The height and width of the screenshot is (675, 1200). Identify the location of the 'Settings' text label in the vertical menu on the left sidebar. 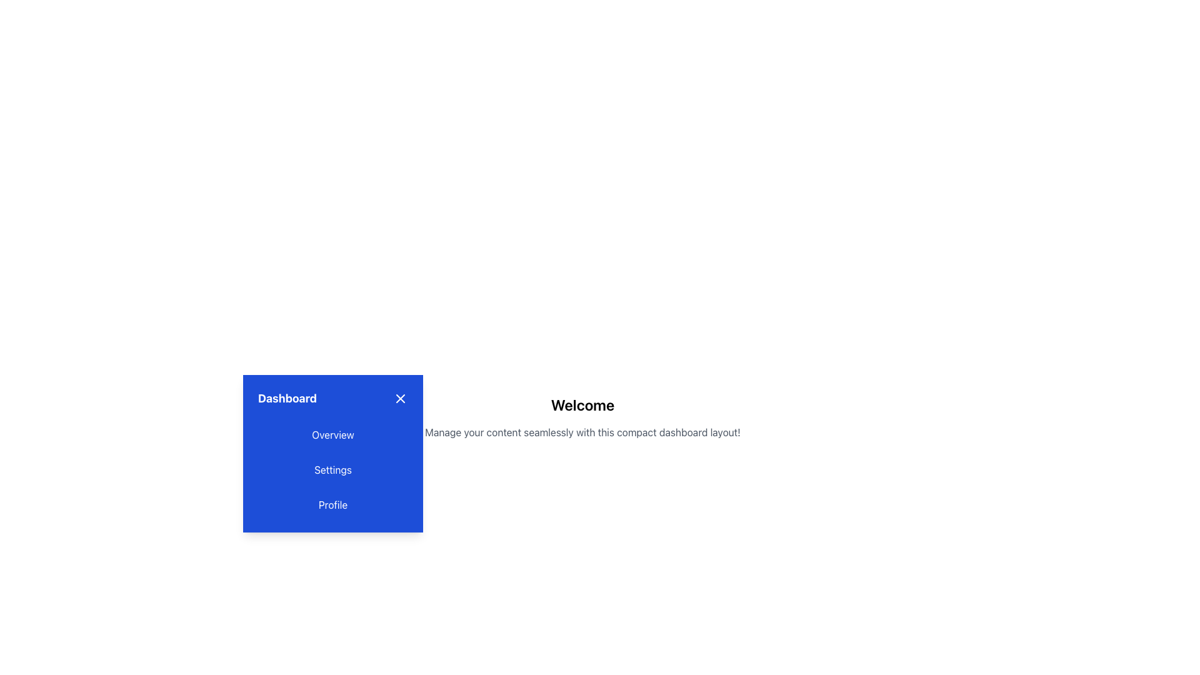
(332, 470).